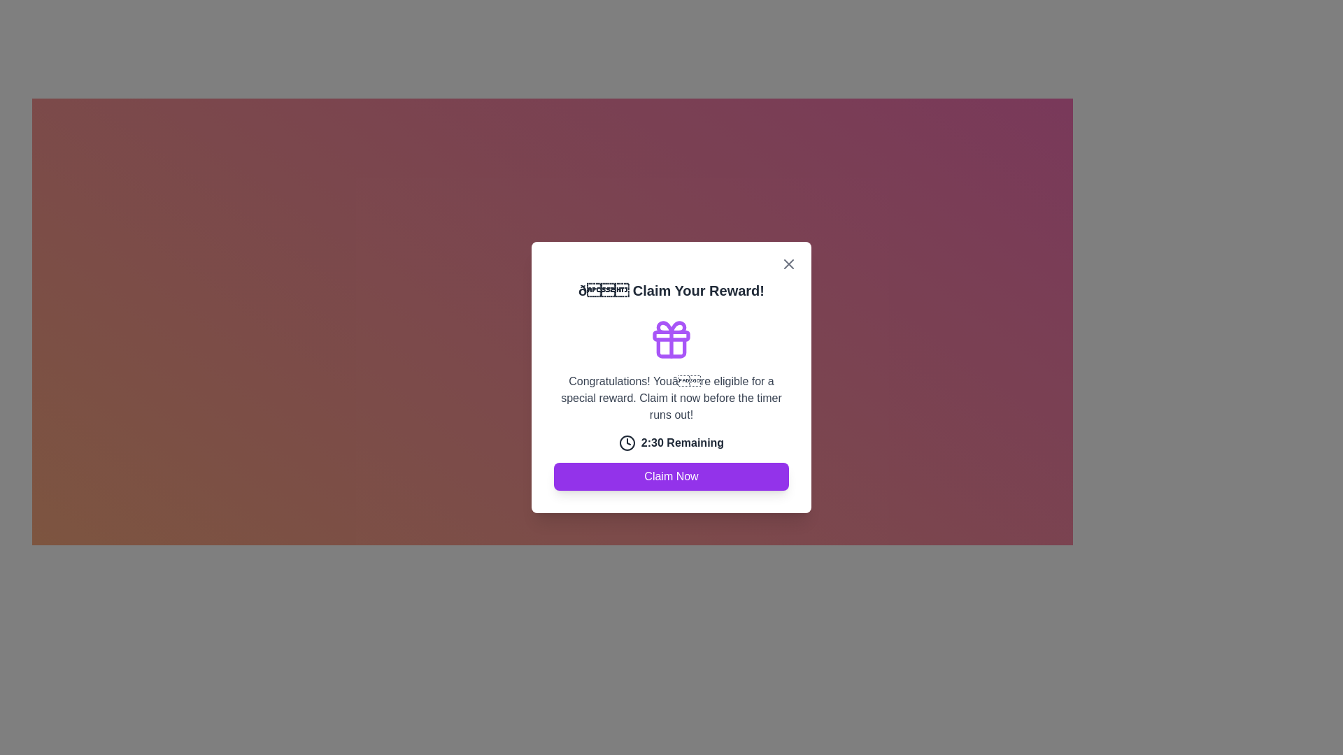  What do you see at coordinates (671, 398) in the screenshot?
I see `text block that displays the message 'Congratulations! You’re eligible for a special reward. Claim it now before the timer runs out!' which is centered in a modal window and styled in gray color` at bounding box center [671, 398].